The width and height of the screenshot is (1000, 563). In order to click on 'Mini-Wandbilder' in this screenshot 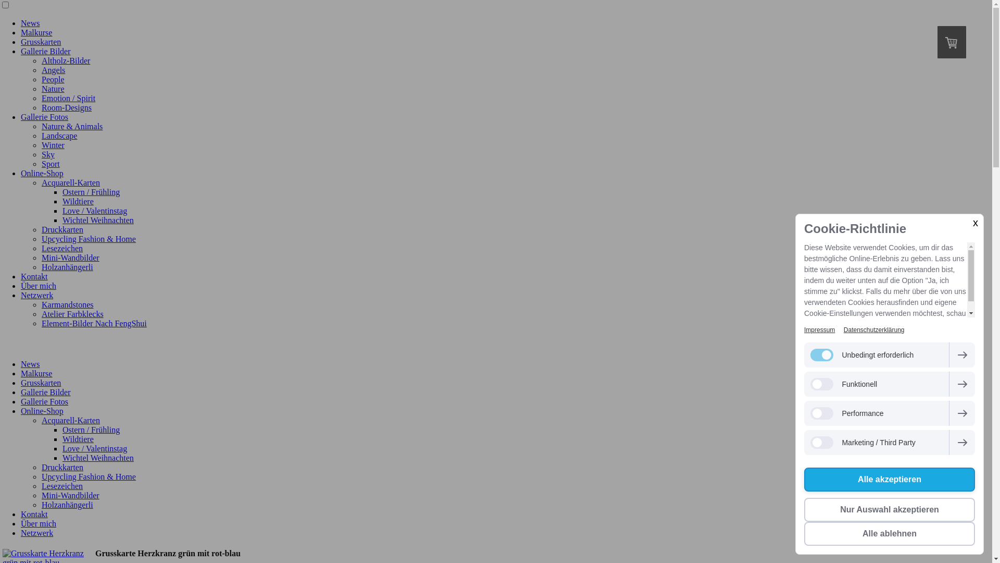, I will do `click(42, 495)`.